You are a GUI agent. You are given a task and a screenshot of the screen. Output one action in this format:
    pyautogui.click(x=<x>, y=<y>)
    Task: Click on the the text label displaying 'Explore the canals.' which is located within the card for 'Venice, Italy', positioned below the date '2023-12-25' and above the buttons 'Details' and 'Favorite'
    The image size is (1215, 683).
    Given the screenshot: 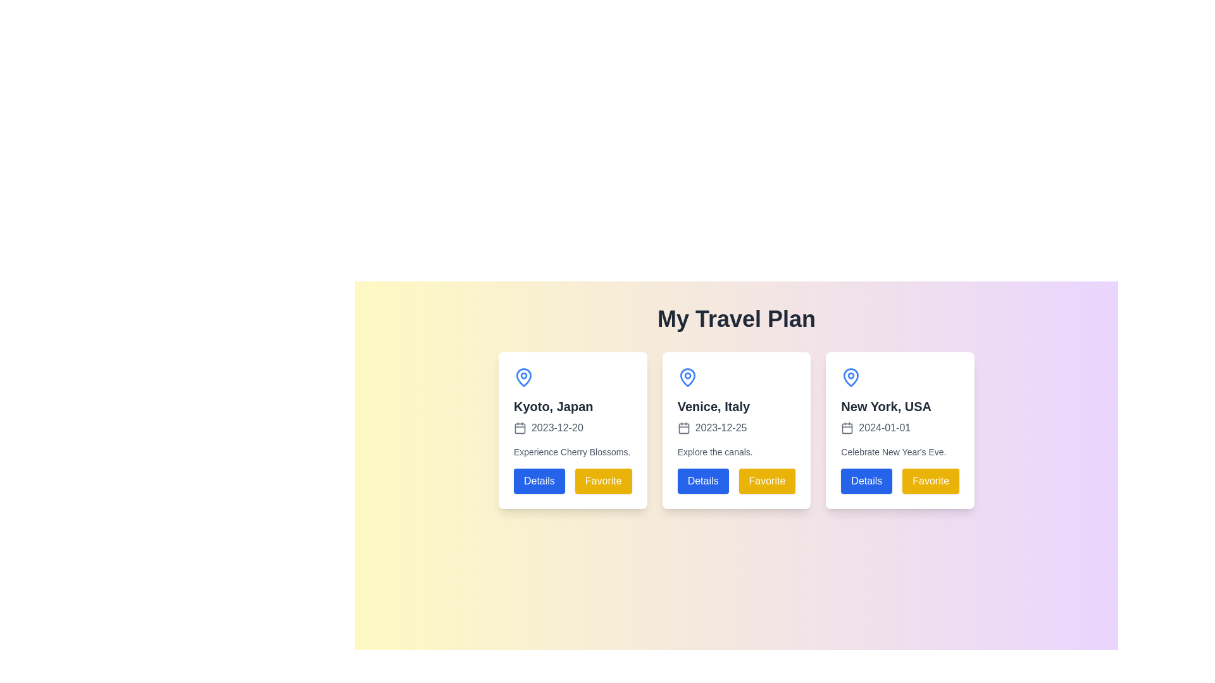 What is the action you would take?
    pyautogui.click(x=715, y=451)
    